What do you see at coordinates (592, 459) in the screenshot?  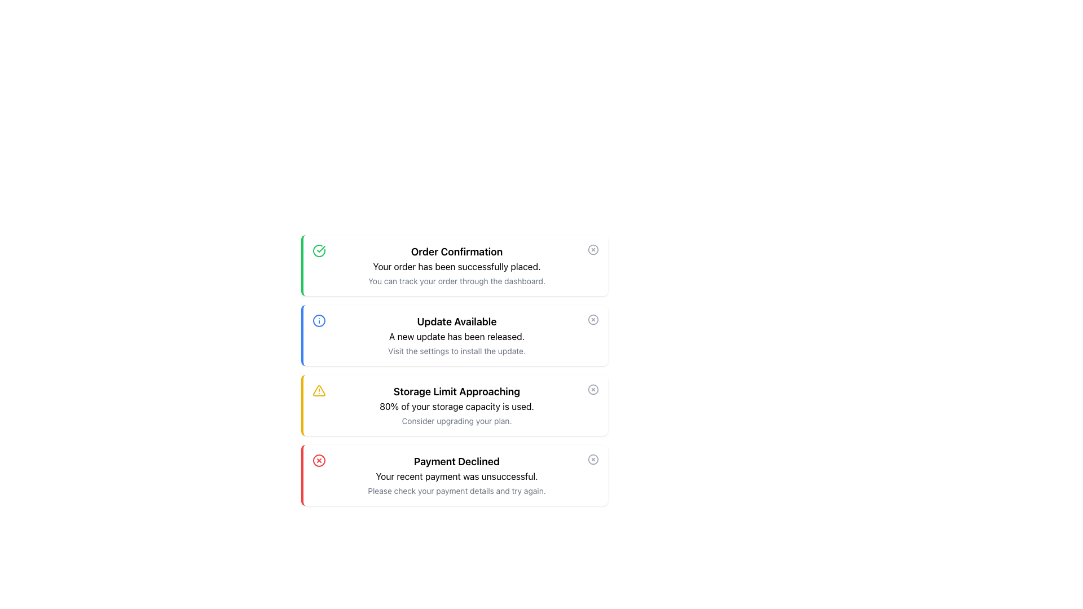 I see `the center of the SVG circle that serves as a 'close' or 'dismiss' action icon in the 'Payment Declined' notification card` at bounding box center [592, 459].